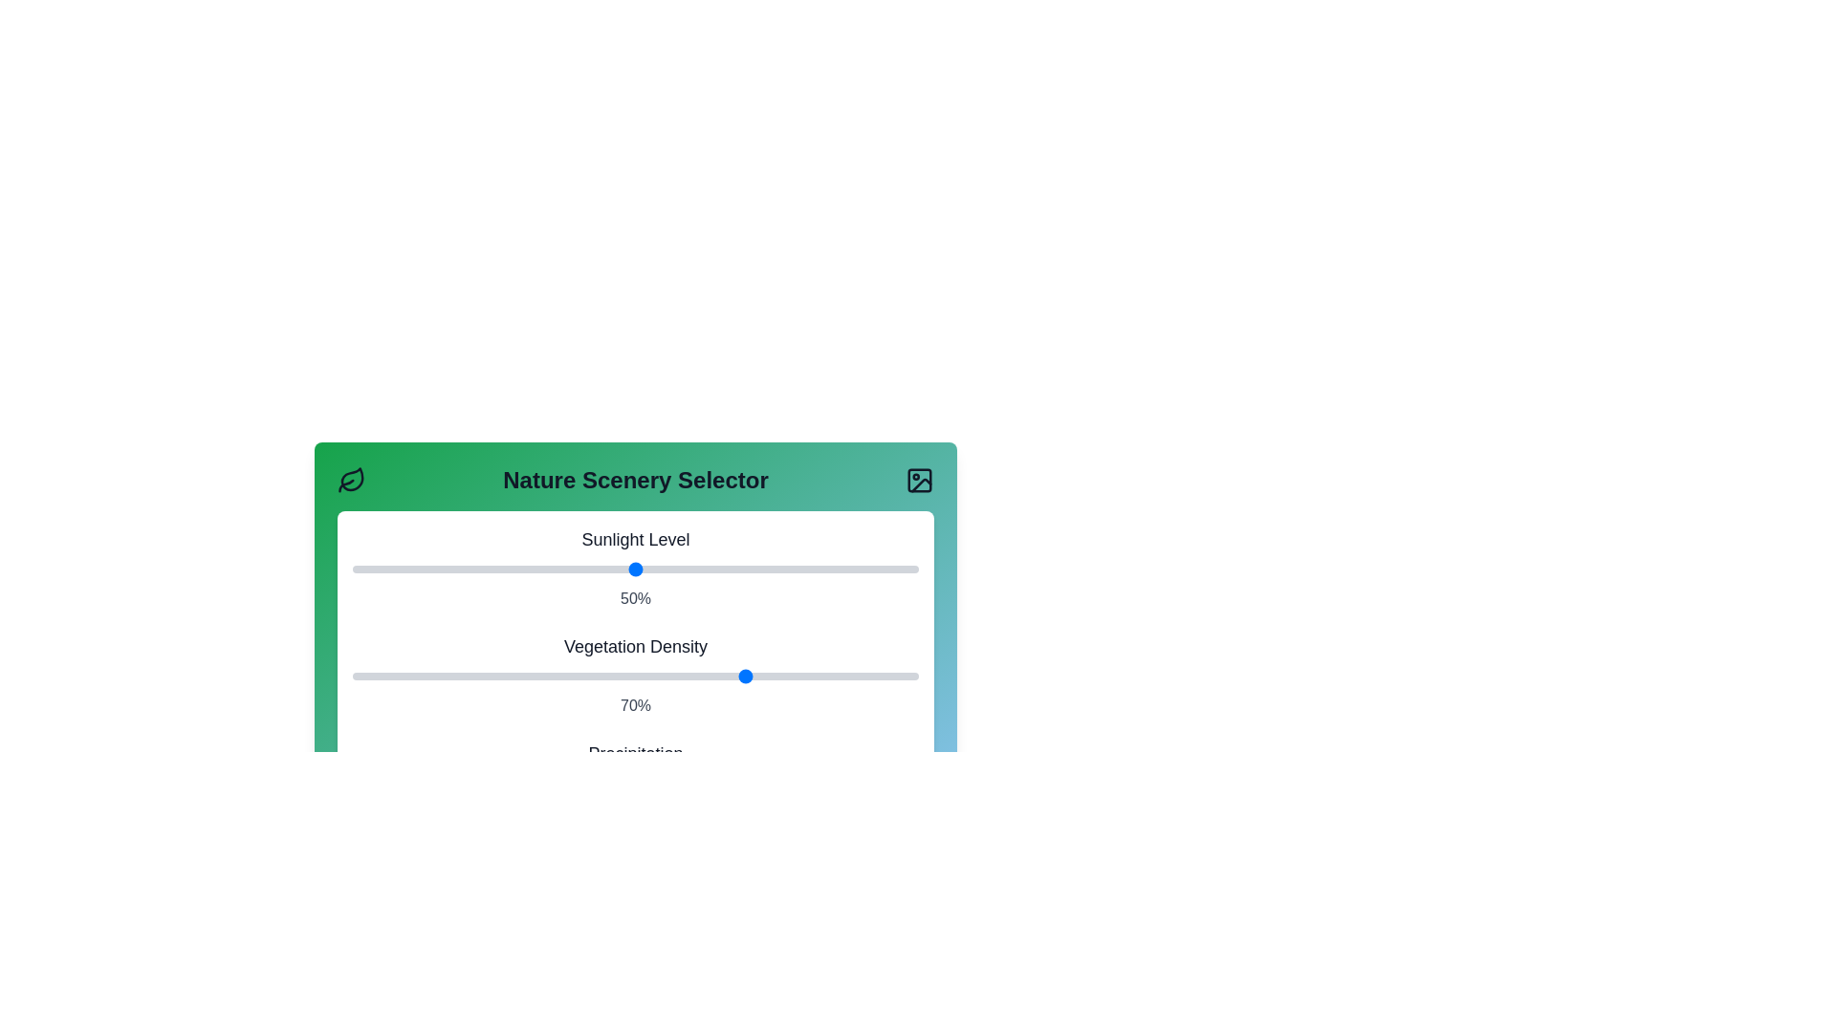 This screenshot has width=1836, height=1032. Describe the element at coordinates (861, 676) in the screenshot. I see `the Vegetation Density slider to set its value to 90` at that location.